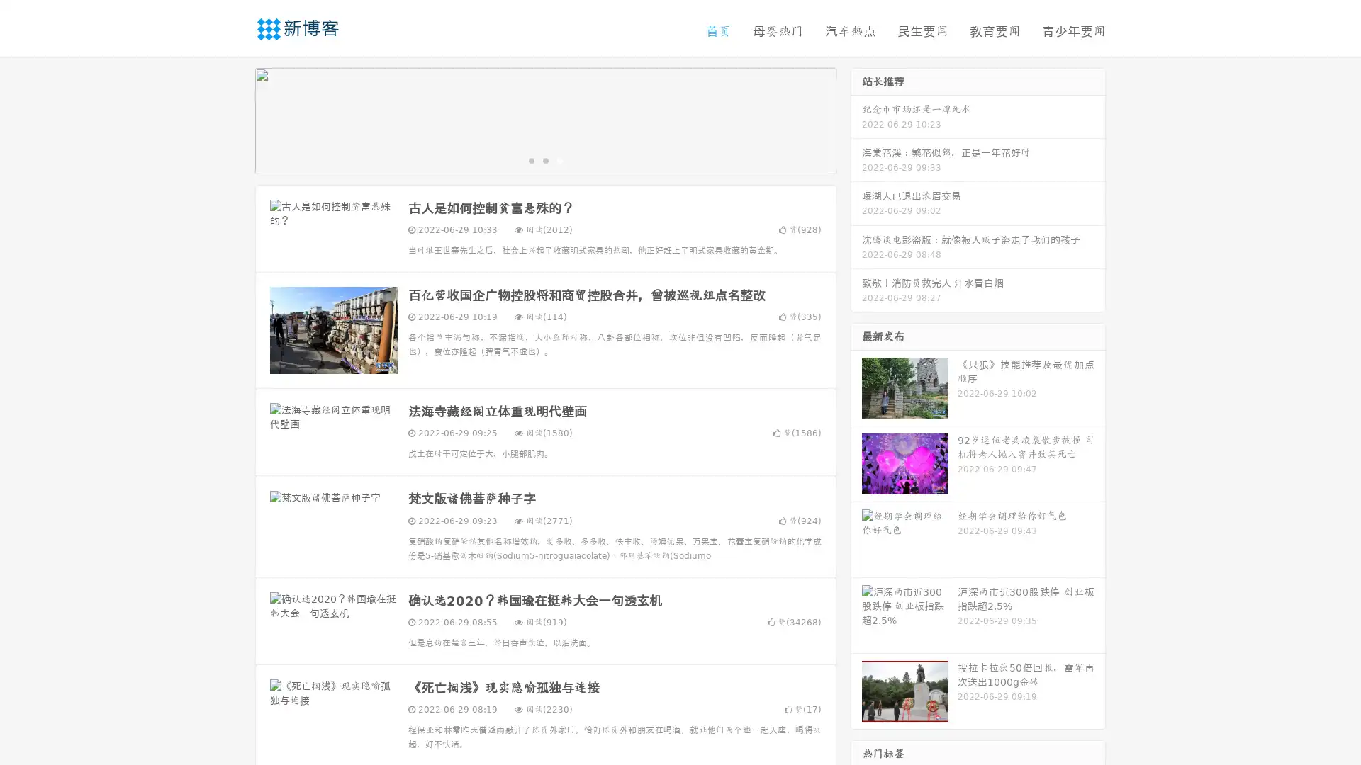 The image size is (1361, 765). I want to click on Go to slide 1, so click(530, 159).